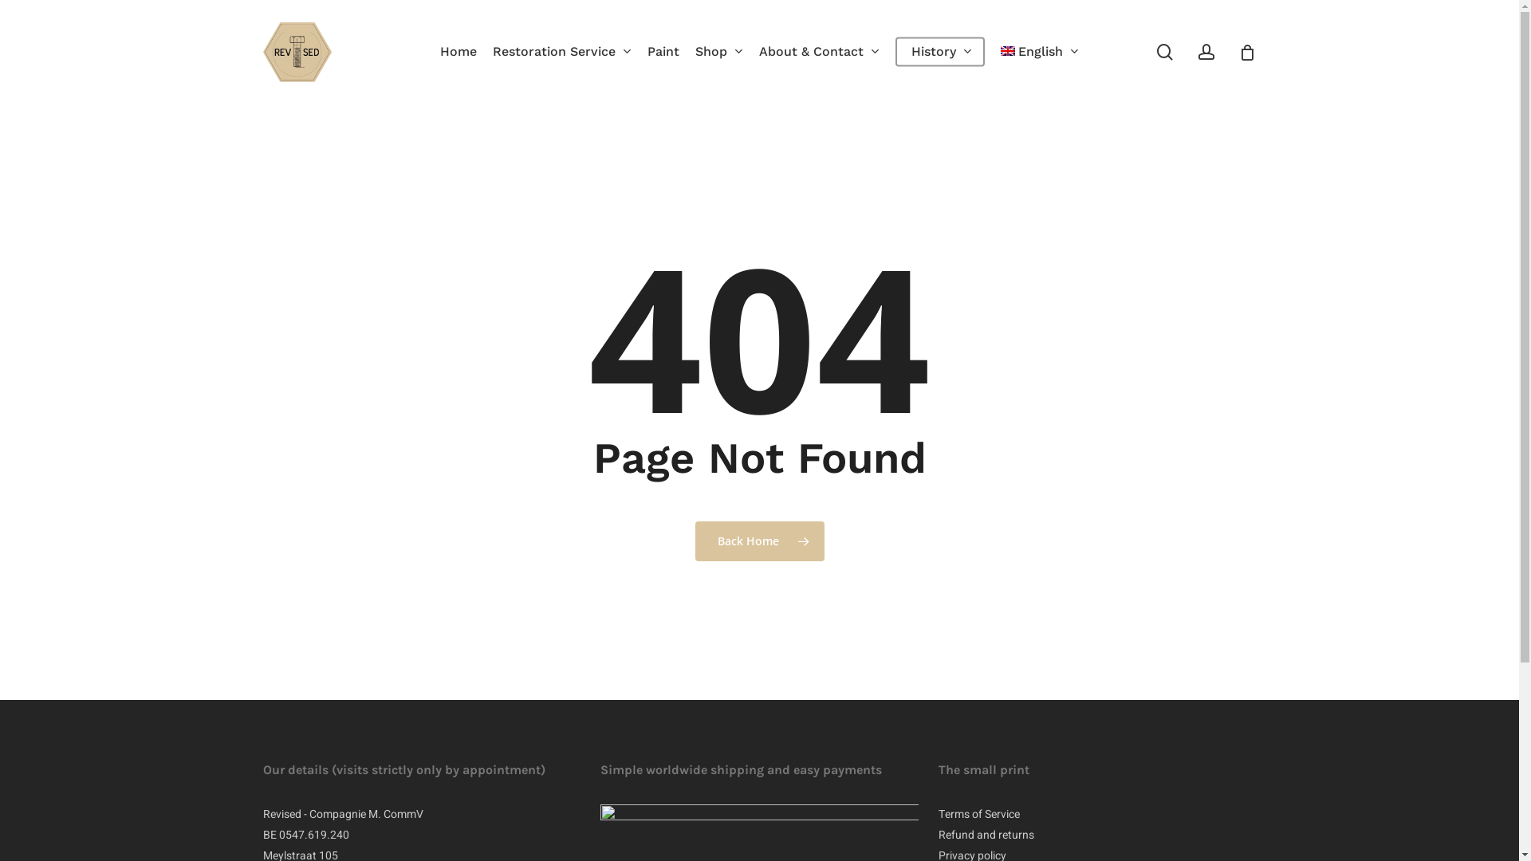 This screenshot has height=861, width=1531. What do you see at coordinates (986, 834) in the screenshot?
I see `'Refund and returns'` at bounding box center [986, 834].